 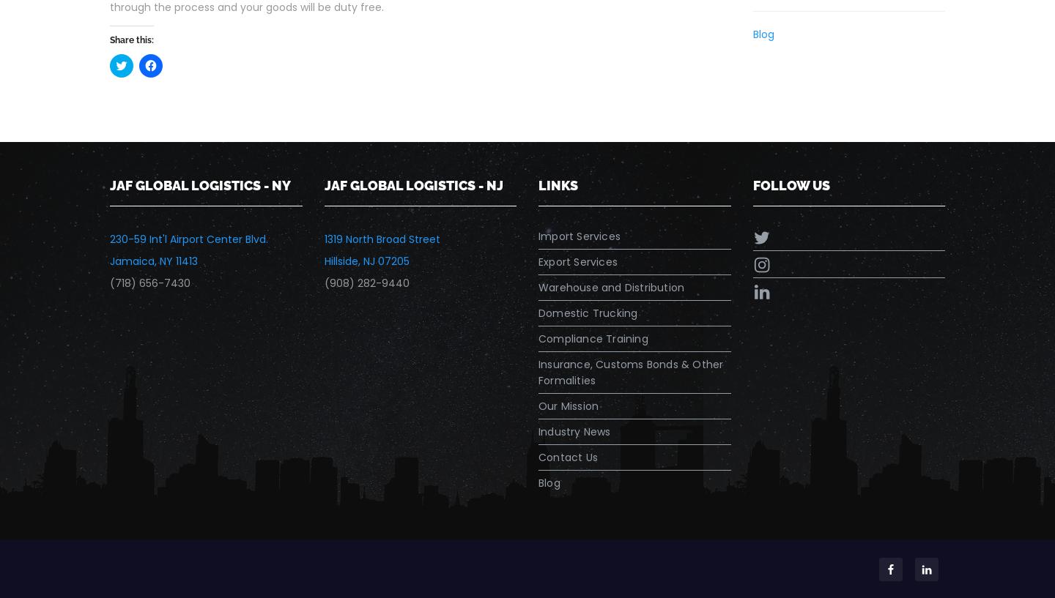 What do you see at coordinates (537, 185) in the screenshot?
I see `'Links'` at bounding box center [537, 185].